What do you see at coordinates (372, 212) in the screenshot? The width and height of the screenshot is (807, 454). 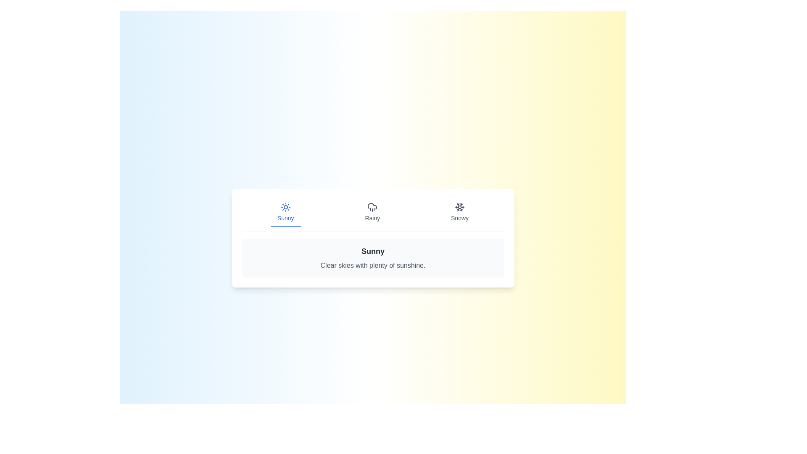 I see `the Rainy weather tab` at bounding box center [372, 212].